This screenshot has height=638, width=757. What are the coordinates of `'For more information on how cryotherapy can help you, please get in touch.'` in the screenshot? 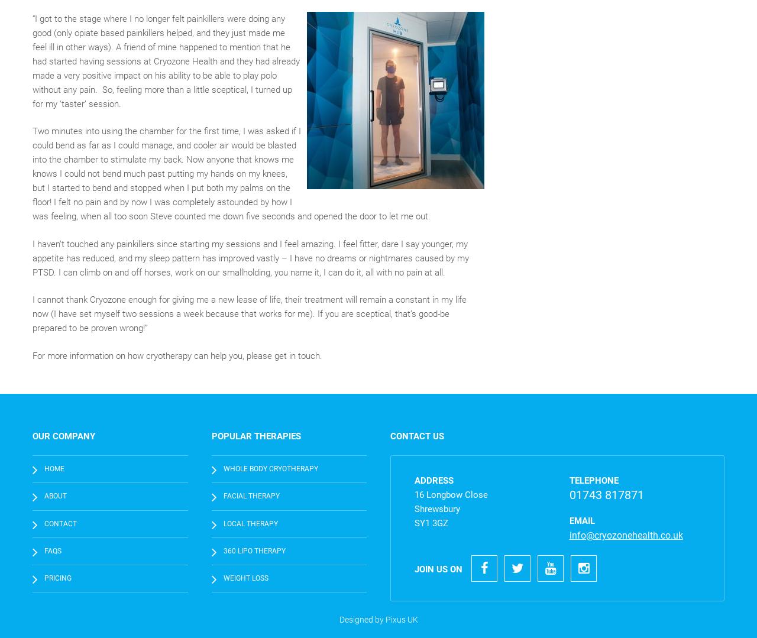 It's located at (177, 355).